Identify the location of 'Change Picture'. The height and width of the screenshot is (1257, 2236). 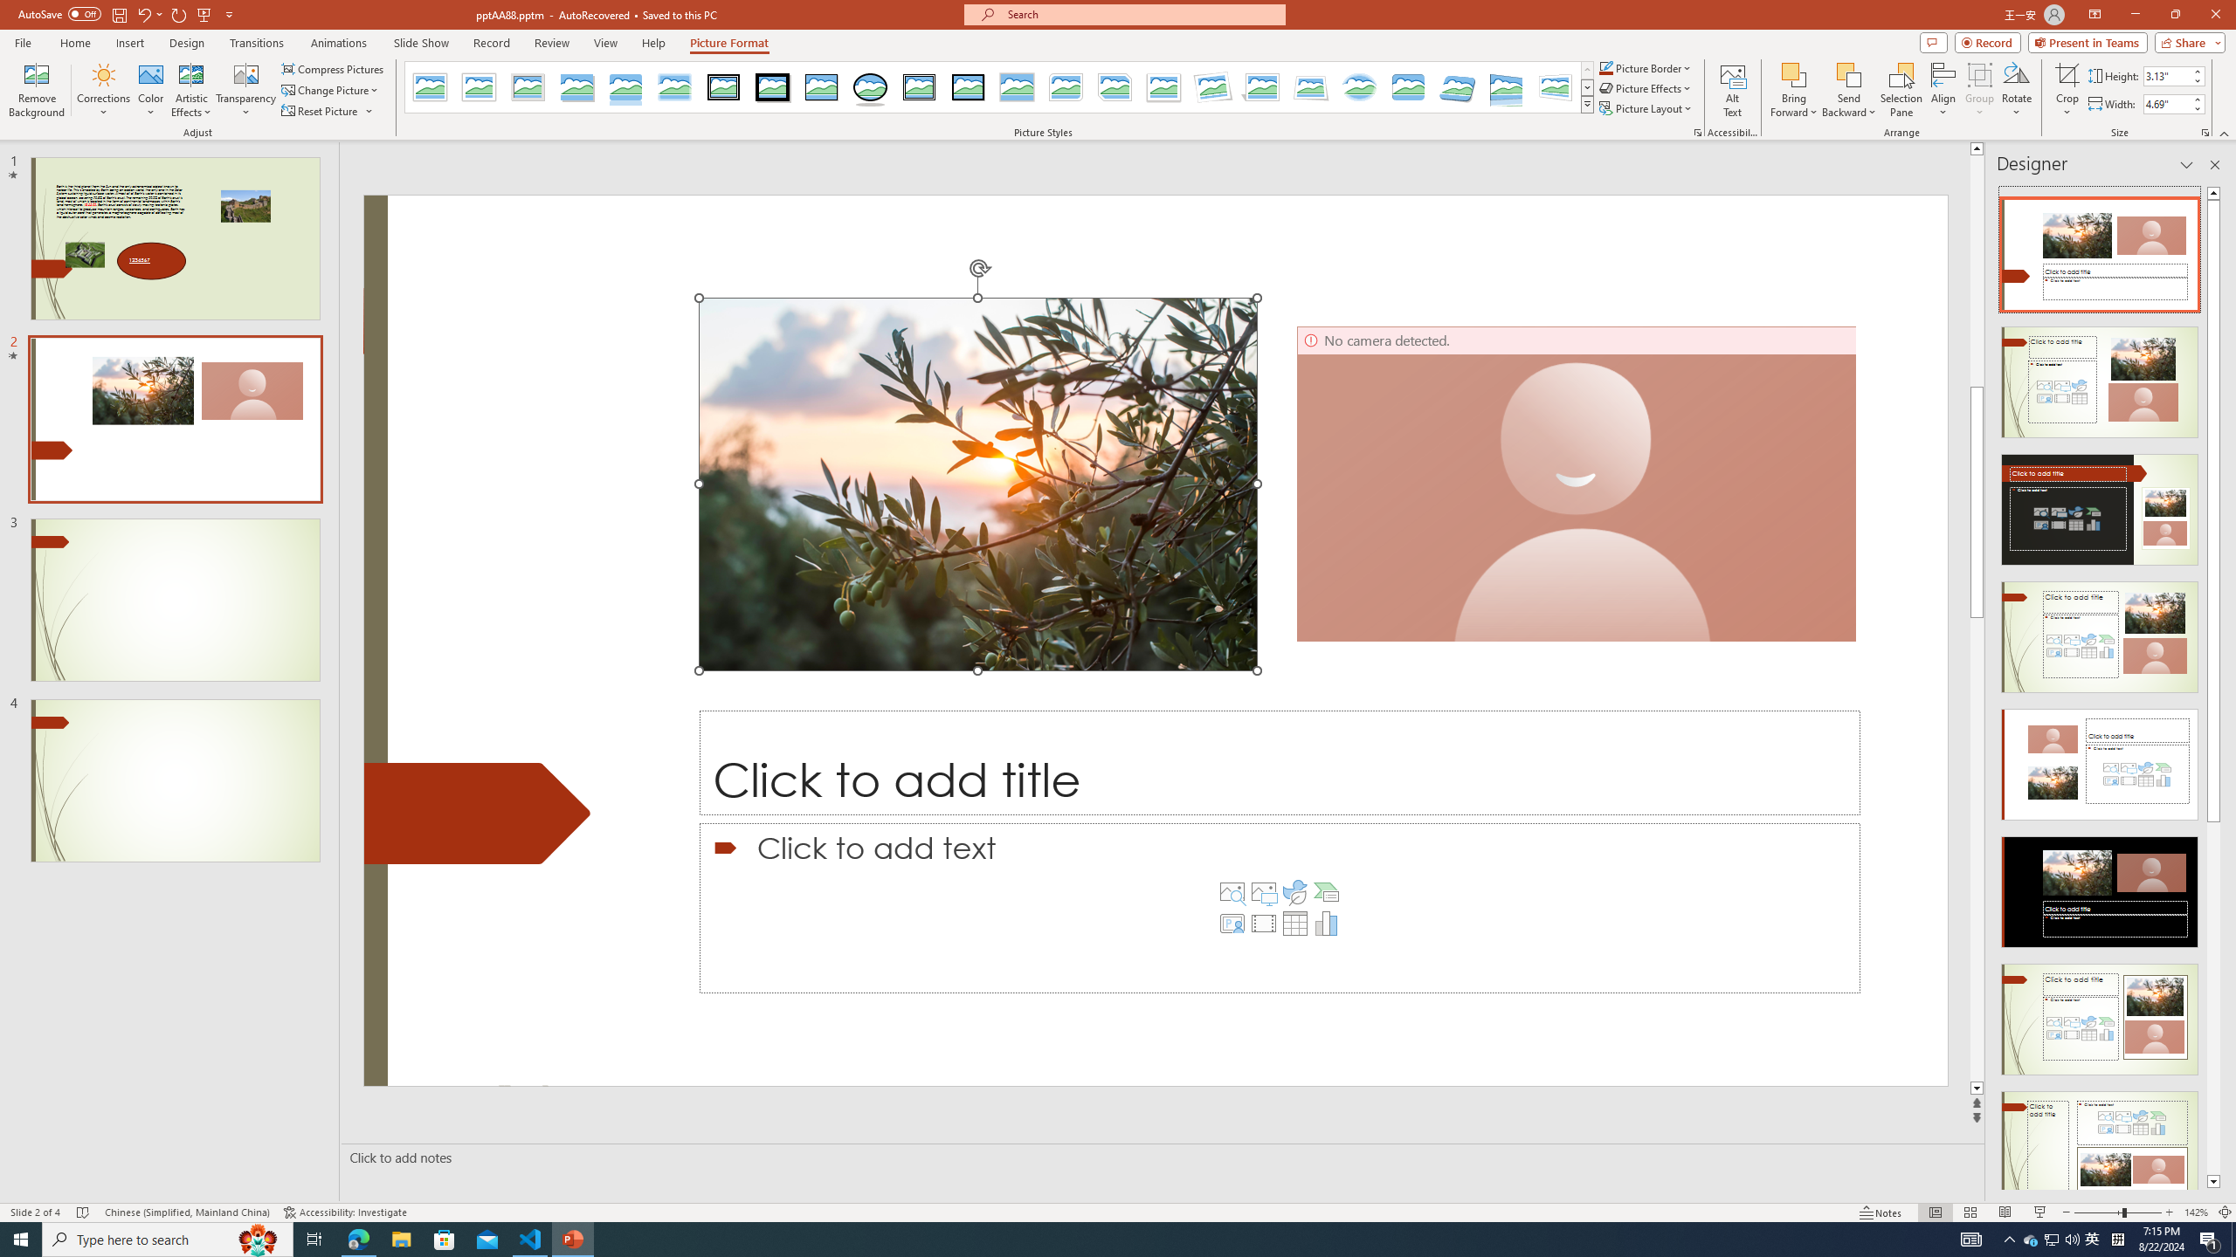
(331, 90).